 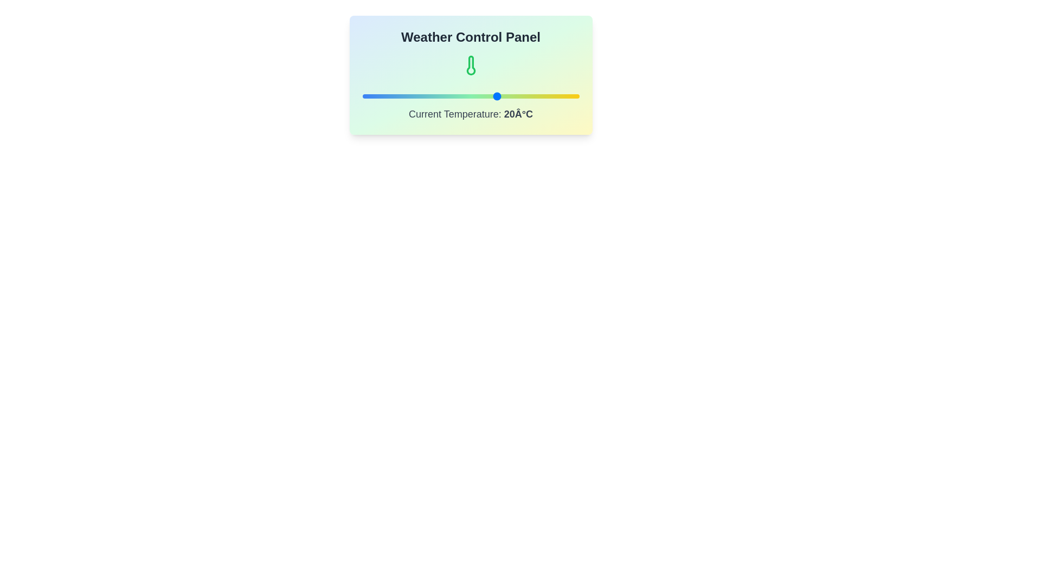 What do you see at coordinates (565, 95) in the screenshot?
I see `the temperature slider to 45°C to observe the icon change` at bounding box center [565, 95].